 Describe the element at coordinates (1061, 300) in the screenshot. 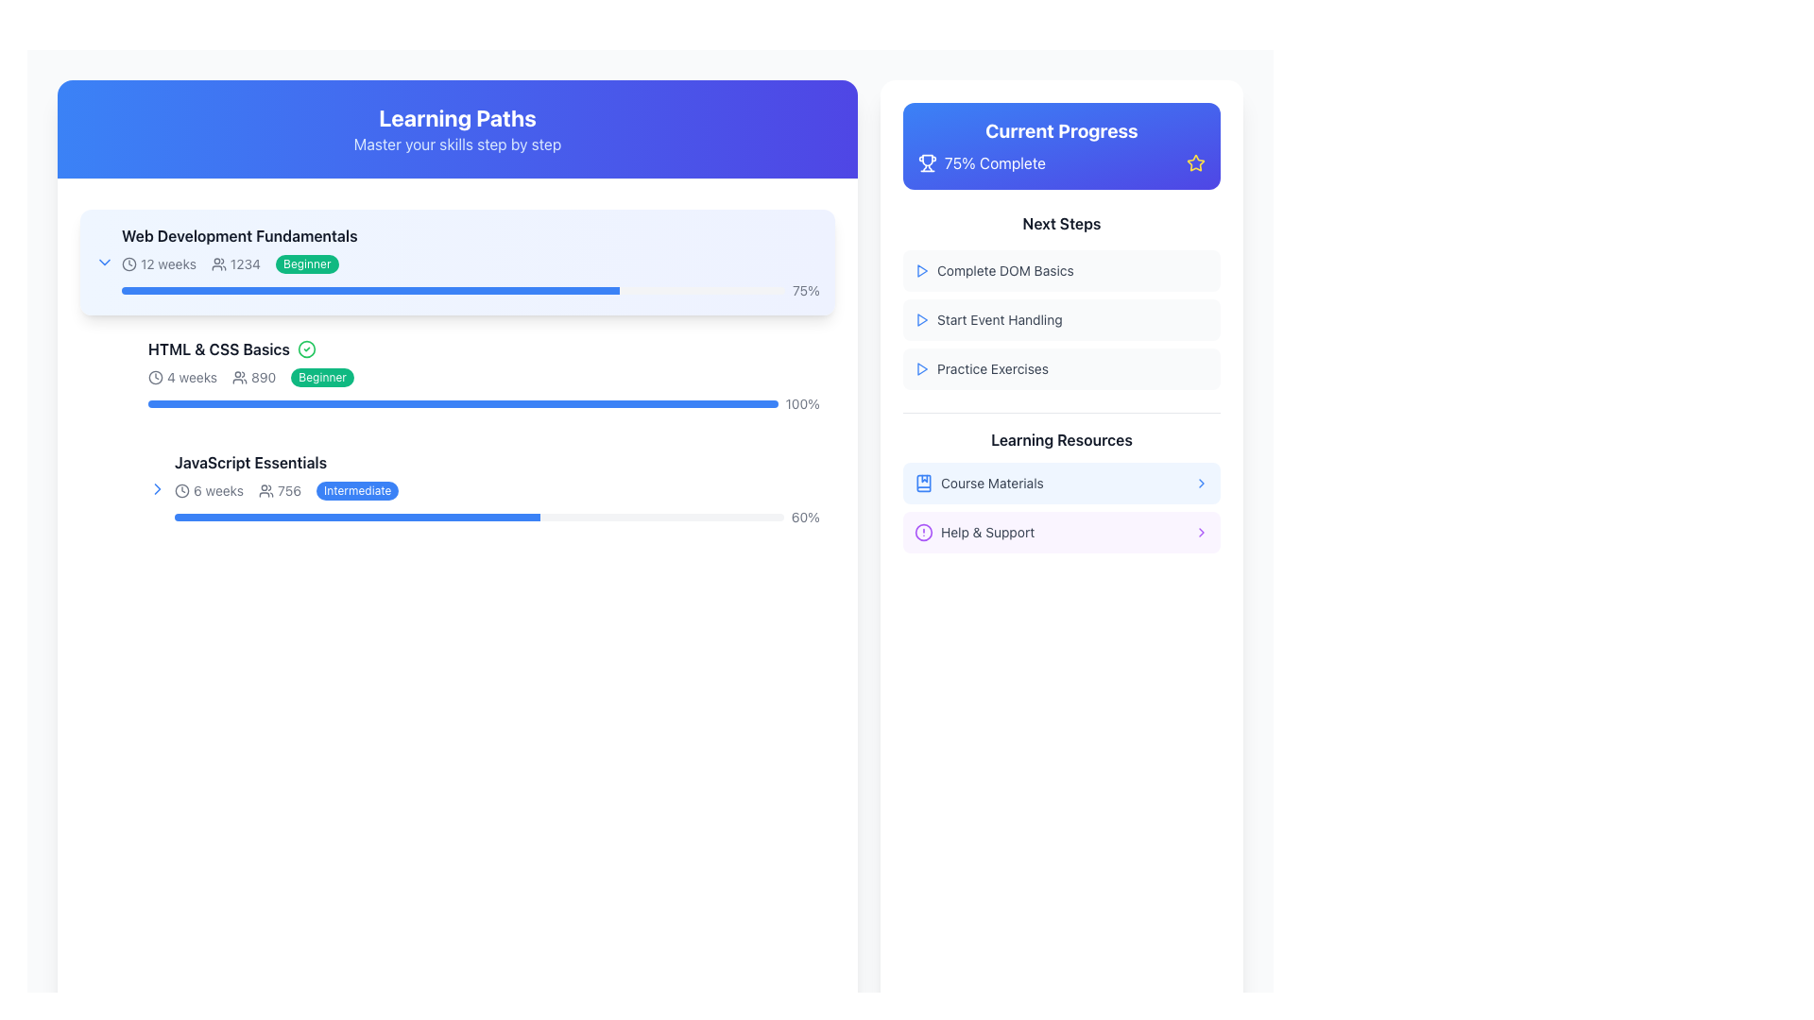

I see `the second list item in the 'Next Steps' section, which guides users toward 'Start Event Handling' content` at that location.